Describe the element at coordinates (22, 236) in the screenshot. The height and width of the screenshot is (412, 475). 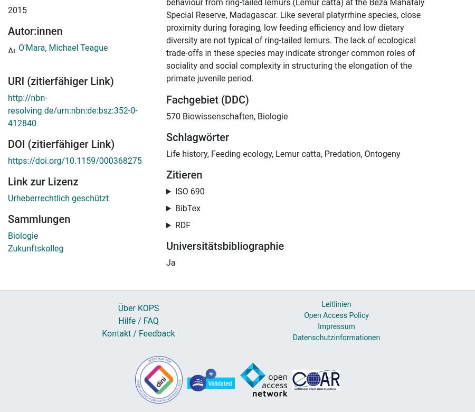
I see `'Biologie'` at that location.